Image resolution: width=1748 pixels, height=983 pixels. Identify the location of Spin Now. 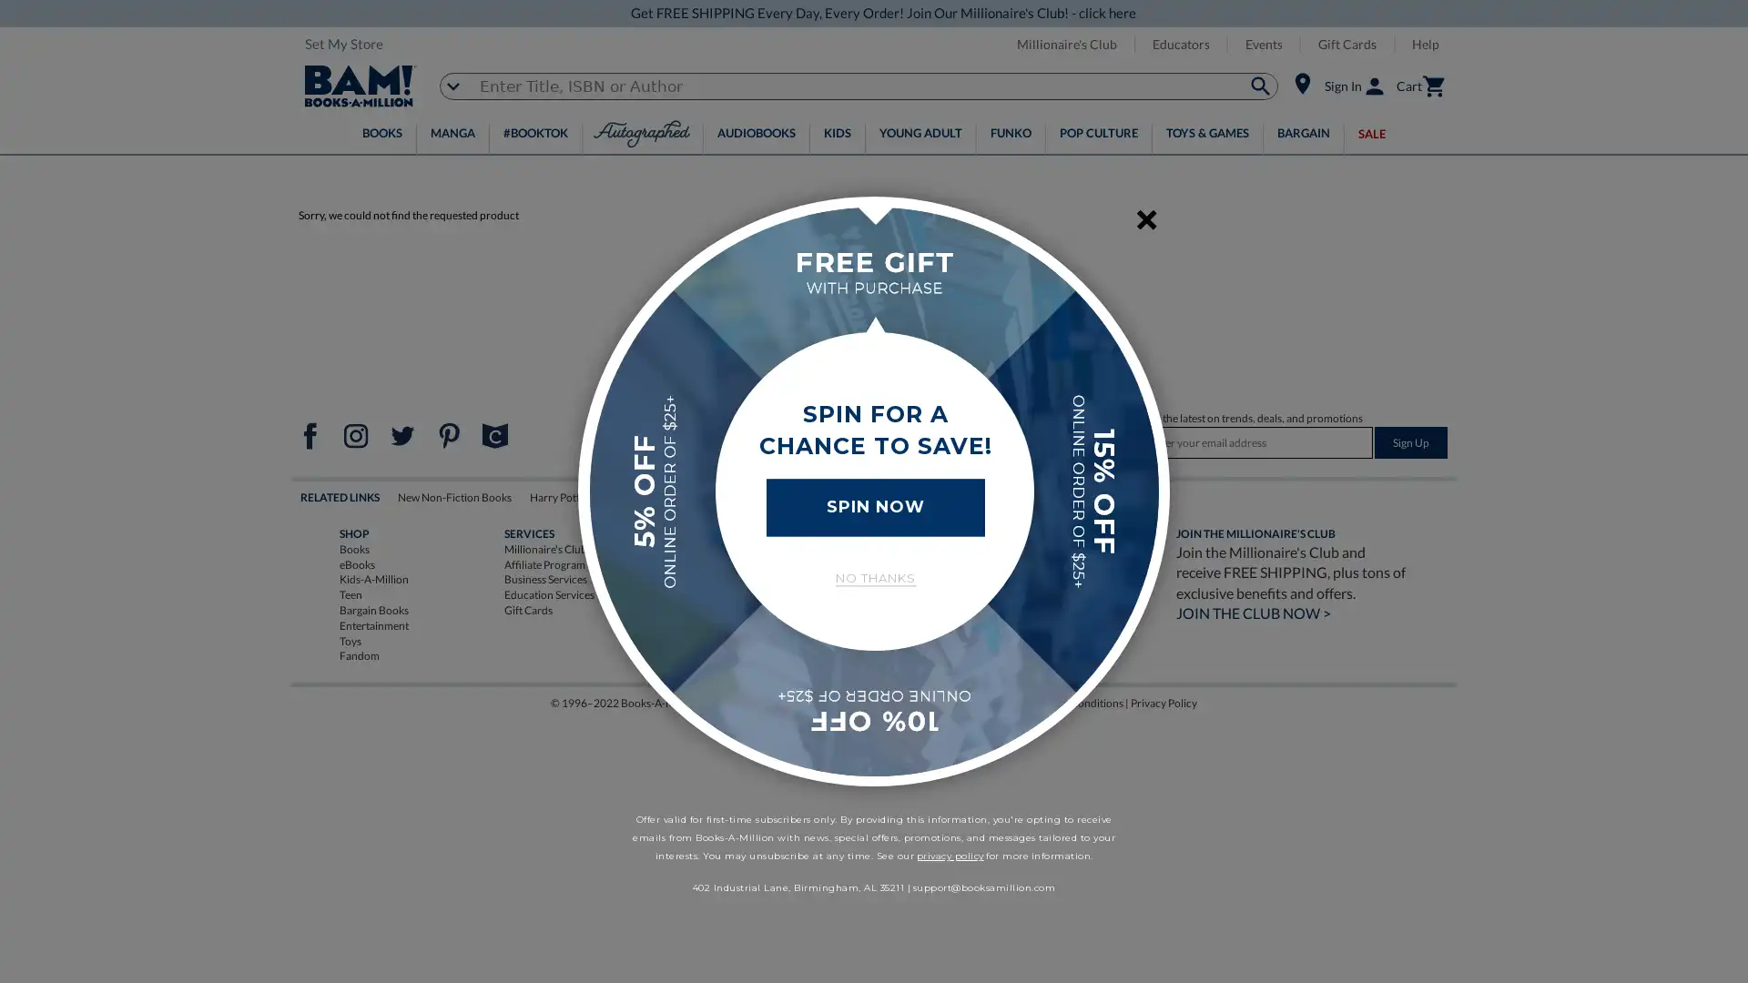
(874, 506).